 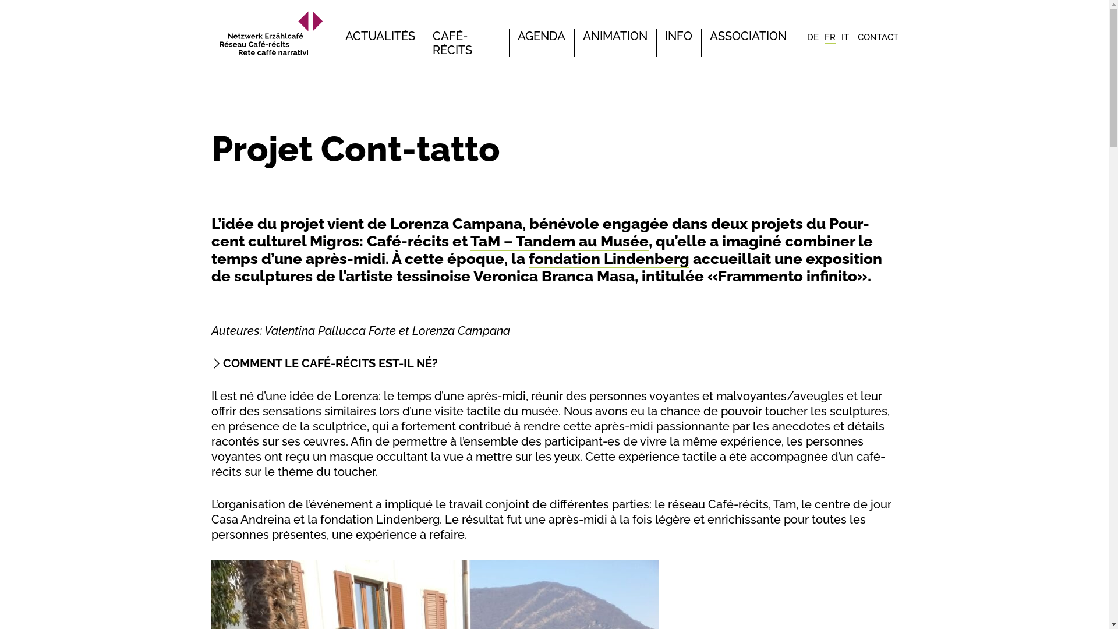 I want to click on 'ASSOCIATION', so click(x=709, y=35).